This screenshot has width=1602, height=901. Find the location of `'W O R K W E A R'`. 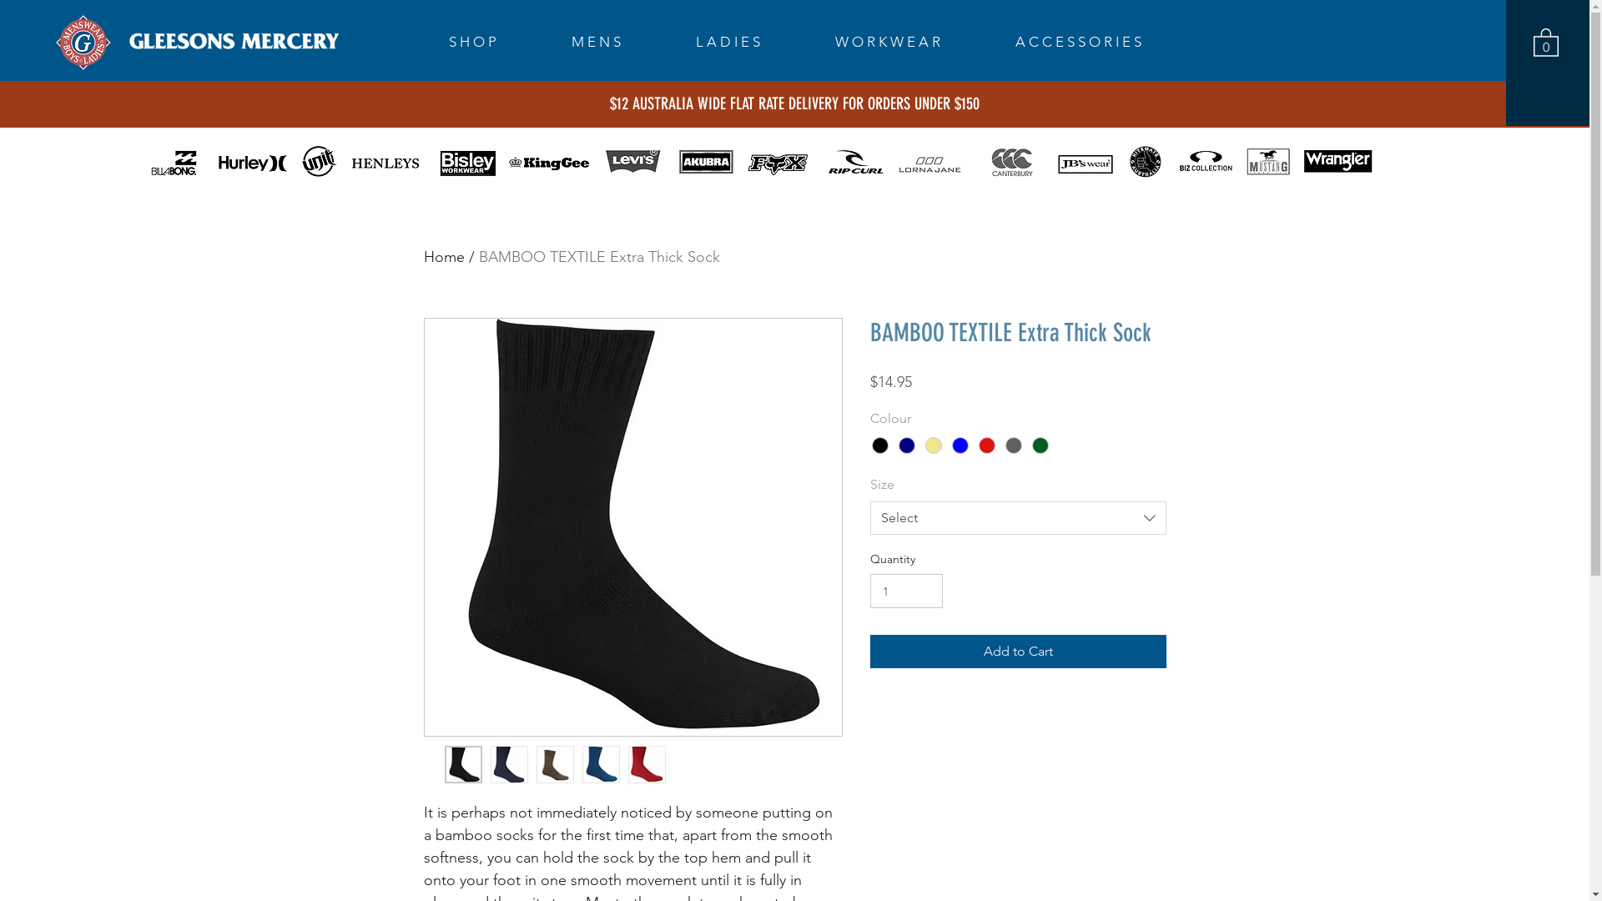

'W O R K W E A R' is located at coordinates (912, 41).